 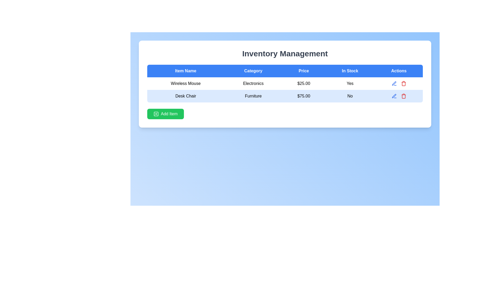 What do you see at coordinates (304, 71) in the screenshot?
I see `the Table Header Cell displaying 'Price' with a blue background, which is centrally aligned in the table header row` at bounding box center [304, 71].